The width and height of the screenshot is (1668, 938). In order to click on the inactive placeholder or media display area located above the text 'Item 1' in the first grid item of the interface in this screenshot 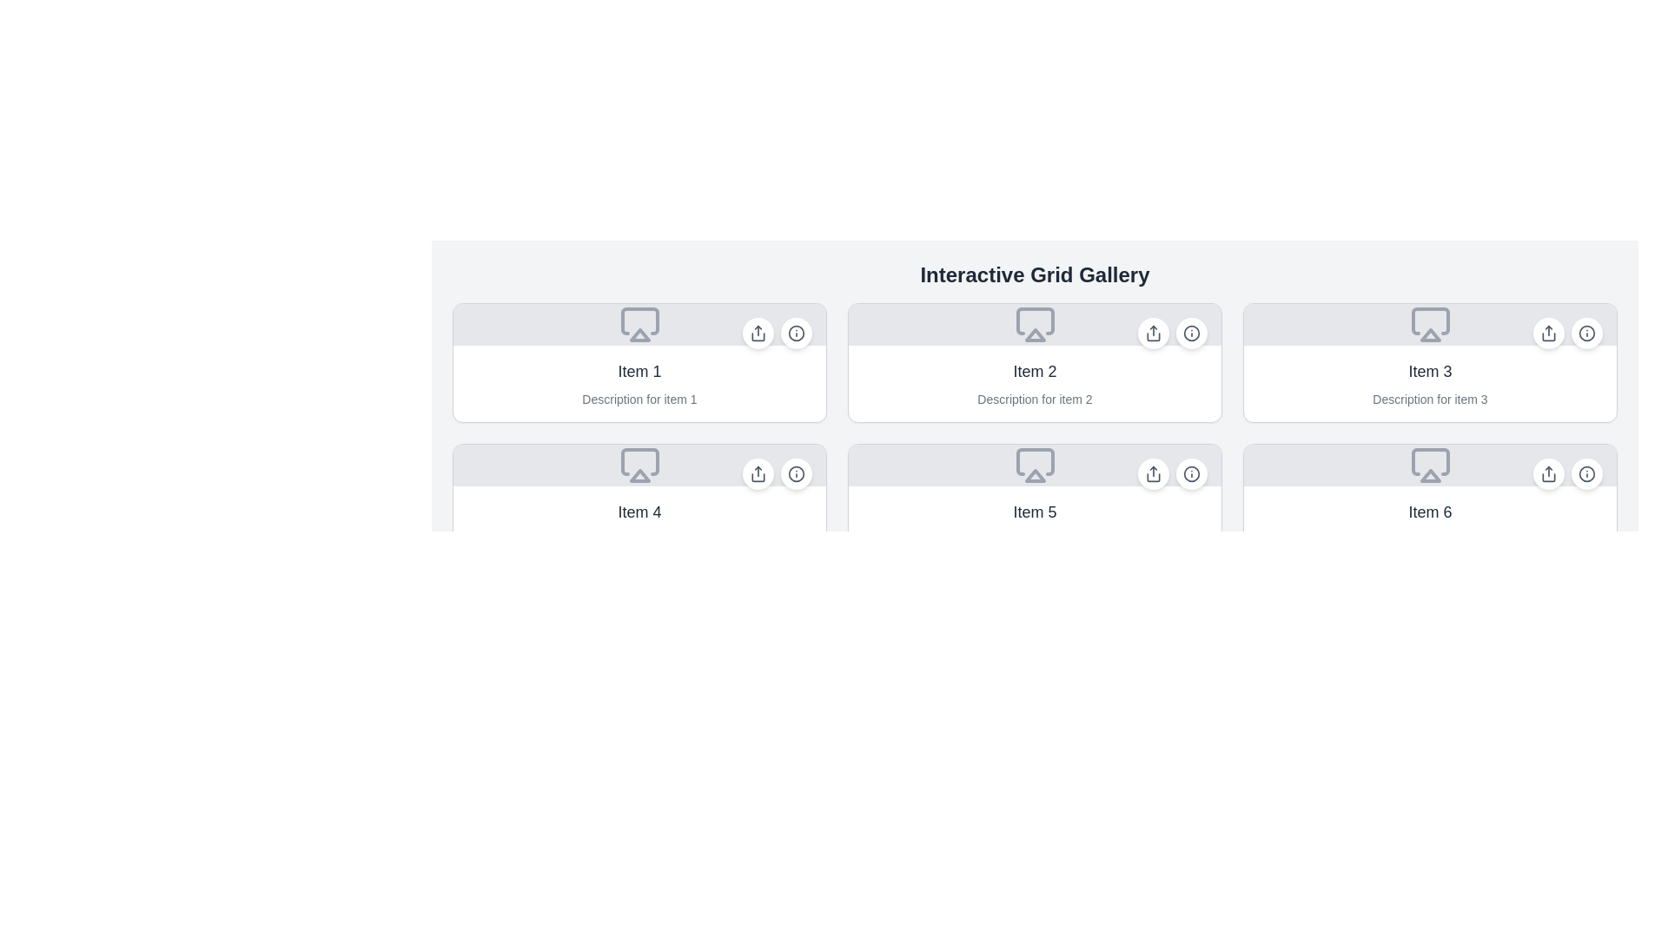, I will do `click(639, 325)`.